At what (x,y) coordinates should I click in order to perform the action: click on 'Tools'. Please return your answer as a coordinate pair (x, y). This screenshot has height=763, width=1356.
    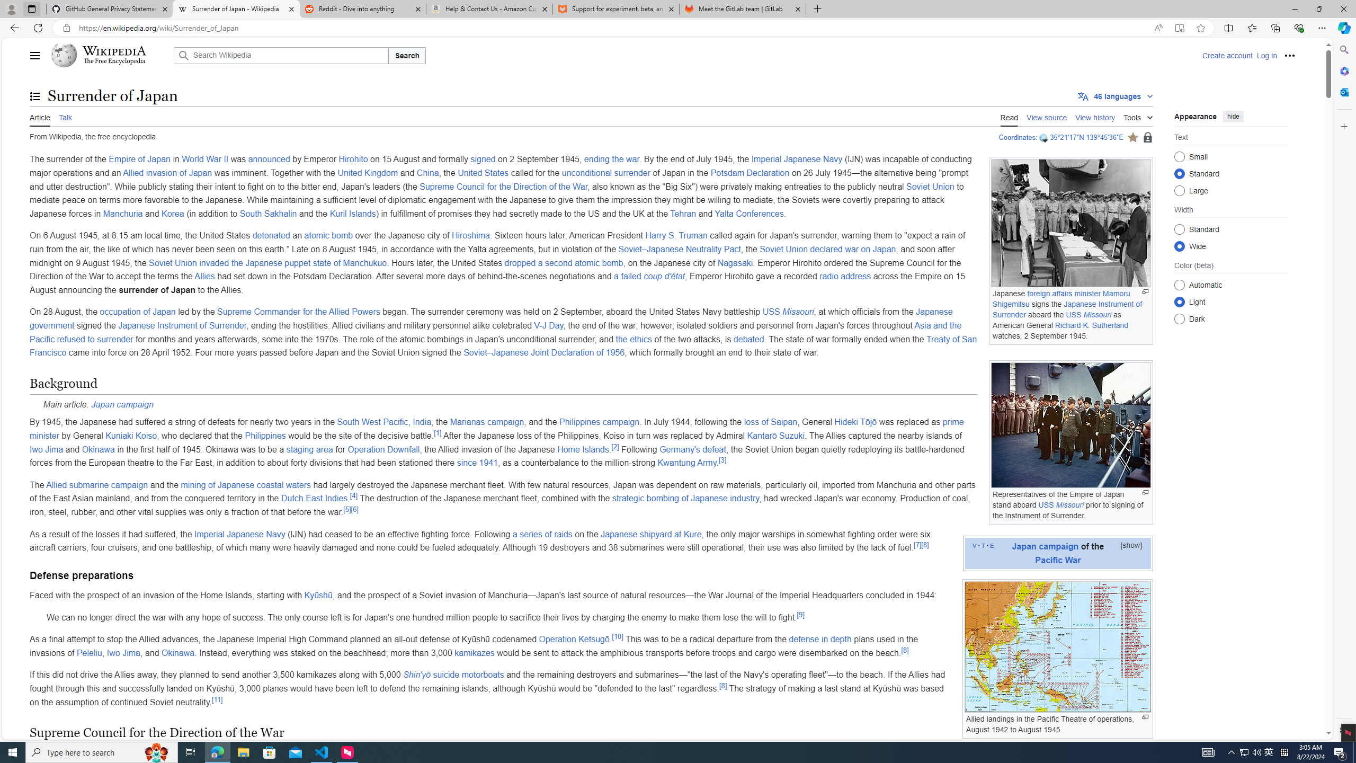
    Looking at the image, I should click on (1138, 116).